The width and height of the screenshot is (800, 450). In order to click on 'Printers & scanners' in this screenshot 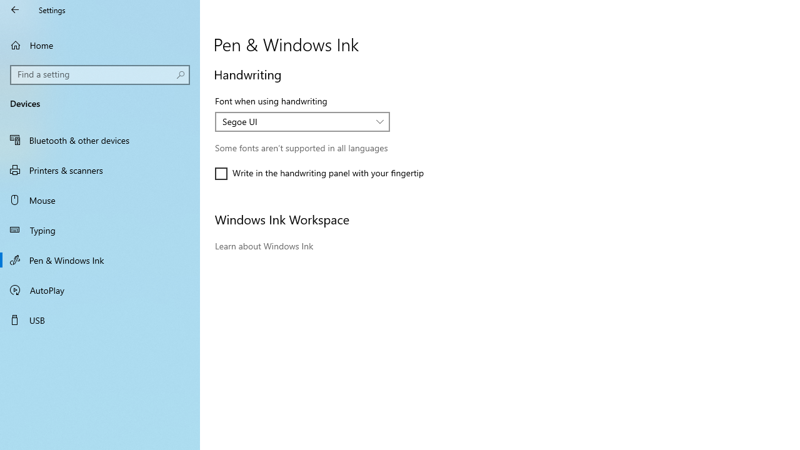, I will do `click(100, 169)`.